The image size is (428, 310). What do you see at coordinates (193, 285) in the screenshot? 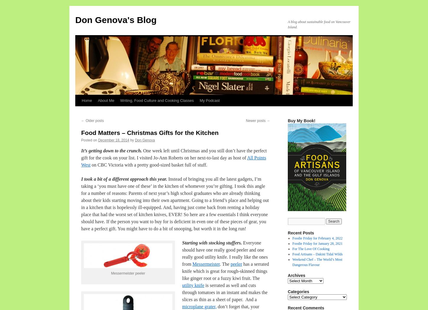
I see `'utility knife'` at bounding box center [193, 285].